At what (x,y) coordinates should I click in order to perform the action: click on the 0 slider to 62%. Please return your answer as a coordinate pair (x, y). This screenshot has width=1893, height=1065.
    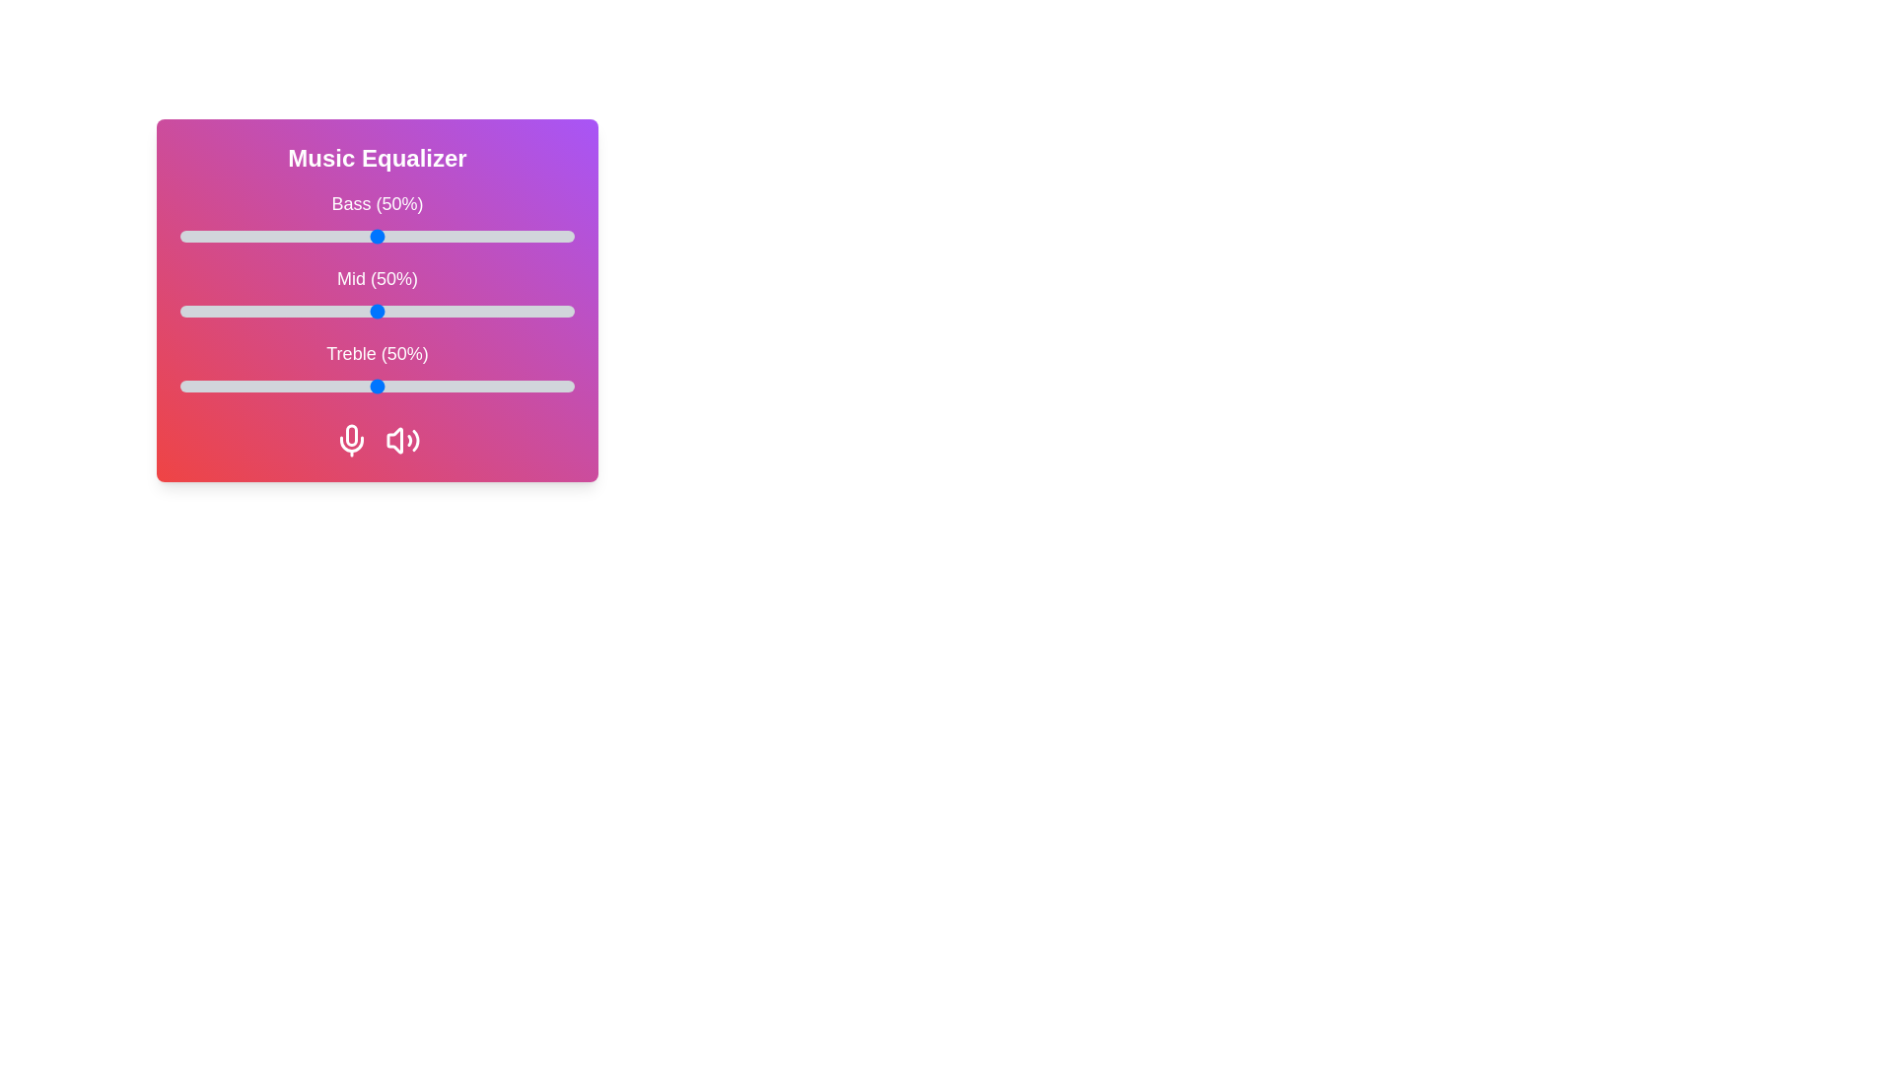
    Looking at the image, I should click on (424, 235).